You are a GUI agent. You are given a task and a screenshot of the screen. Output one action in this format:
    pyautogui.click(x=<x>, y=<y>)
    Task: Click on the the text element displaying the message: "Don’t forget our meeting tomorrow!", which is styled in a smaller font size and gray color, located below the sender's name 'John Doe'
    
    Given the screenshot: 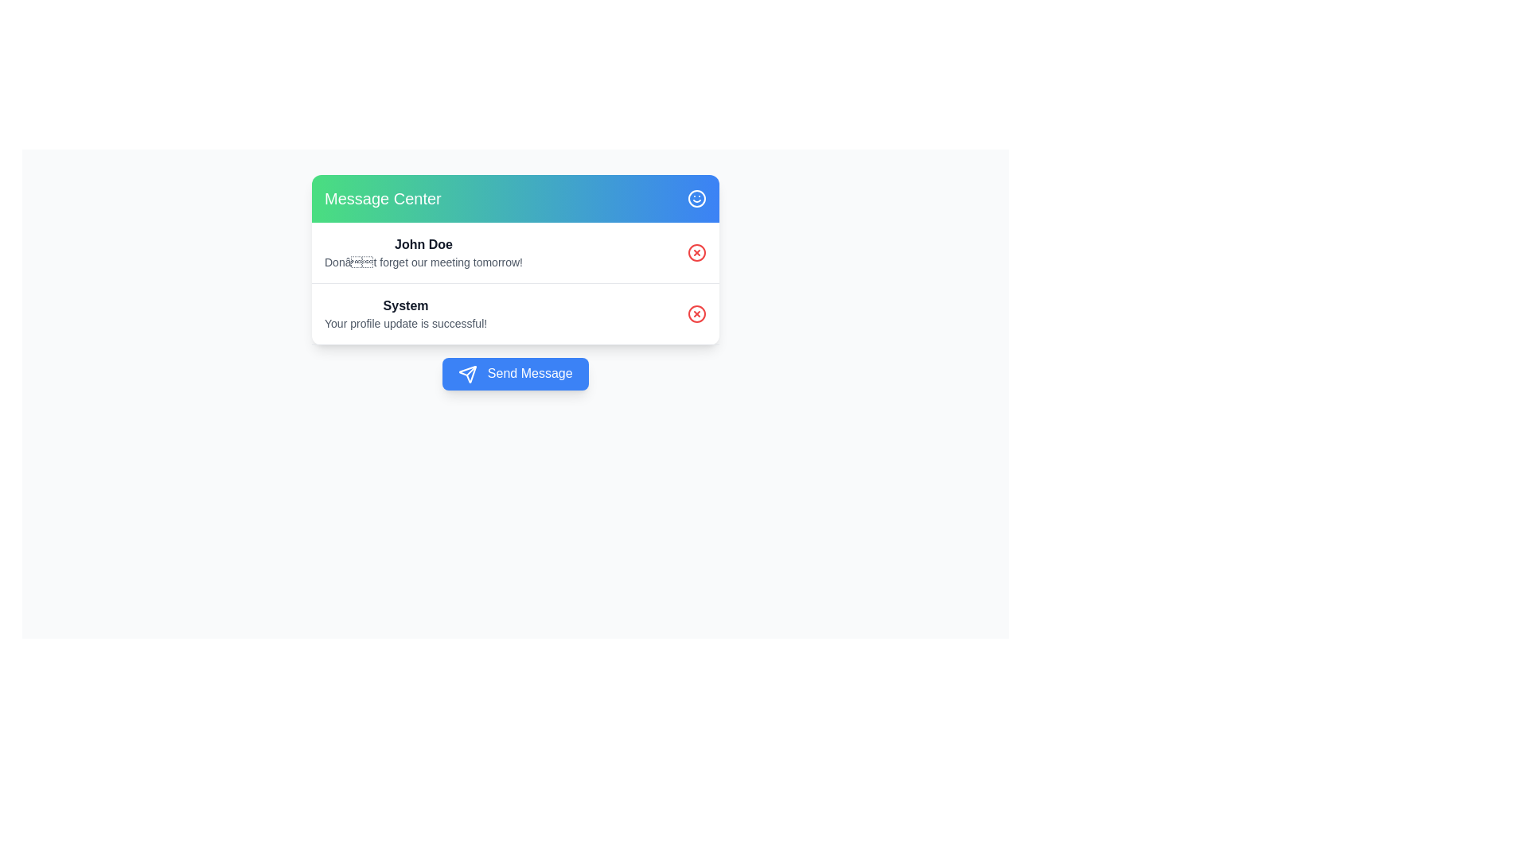 What is the action you would take?
    pyautogui.click(x=423, y=262)
    